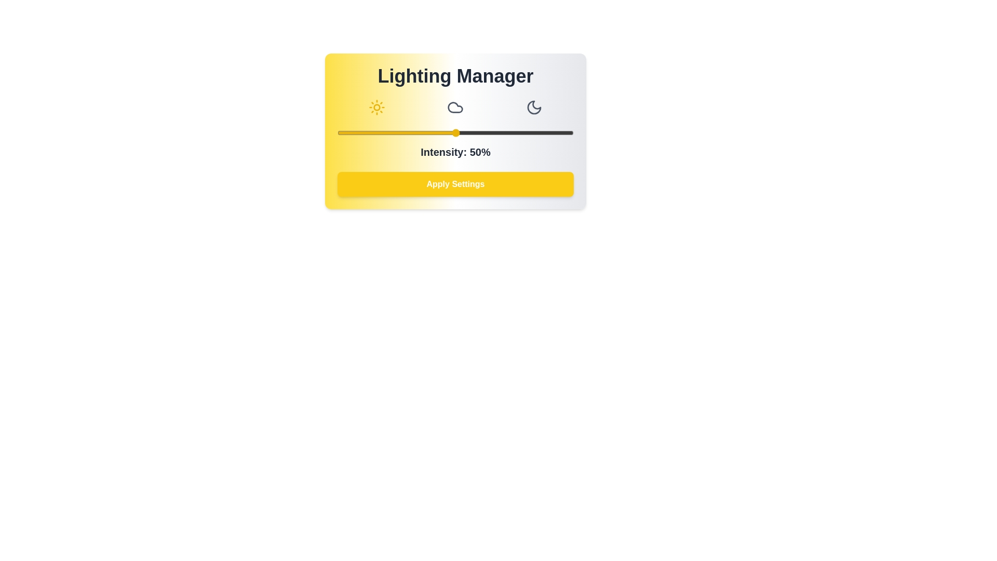 This screenshot has height=561, width=997. I want to click on the light intensity slider to 6%, so click(352, 132).